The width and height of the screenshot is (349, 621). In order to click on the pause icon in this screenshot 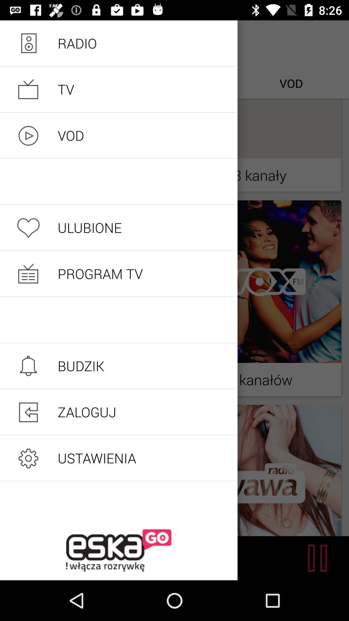, I will do `click(319, 558)`.